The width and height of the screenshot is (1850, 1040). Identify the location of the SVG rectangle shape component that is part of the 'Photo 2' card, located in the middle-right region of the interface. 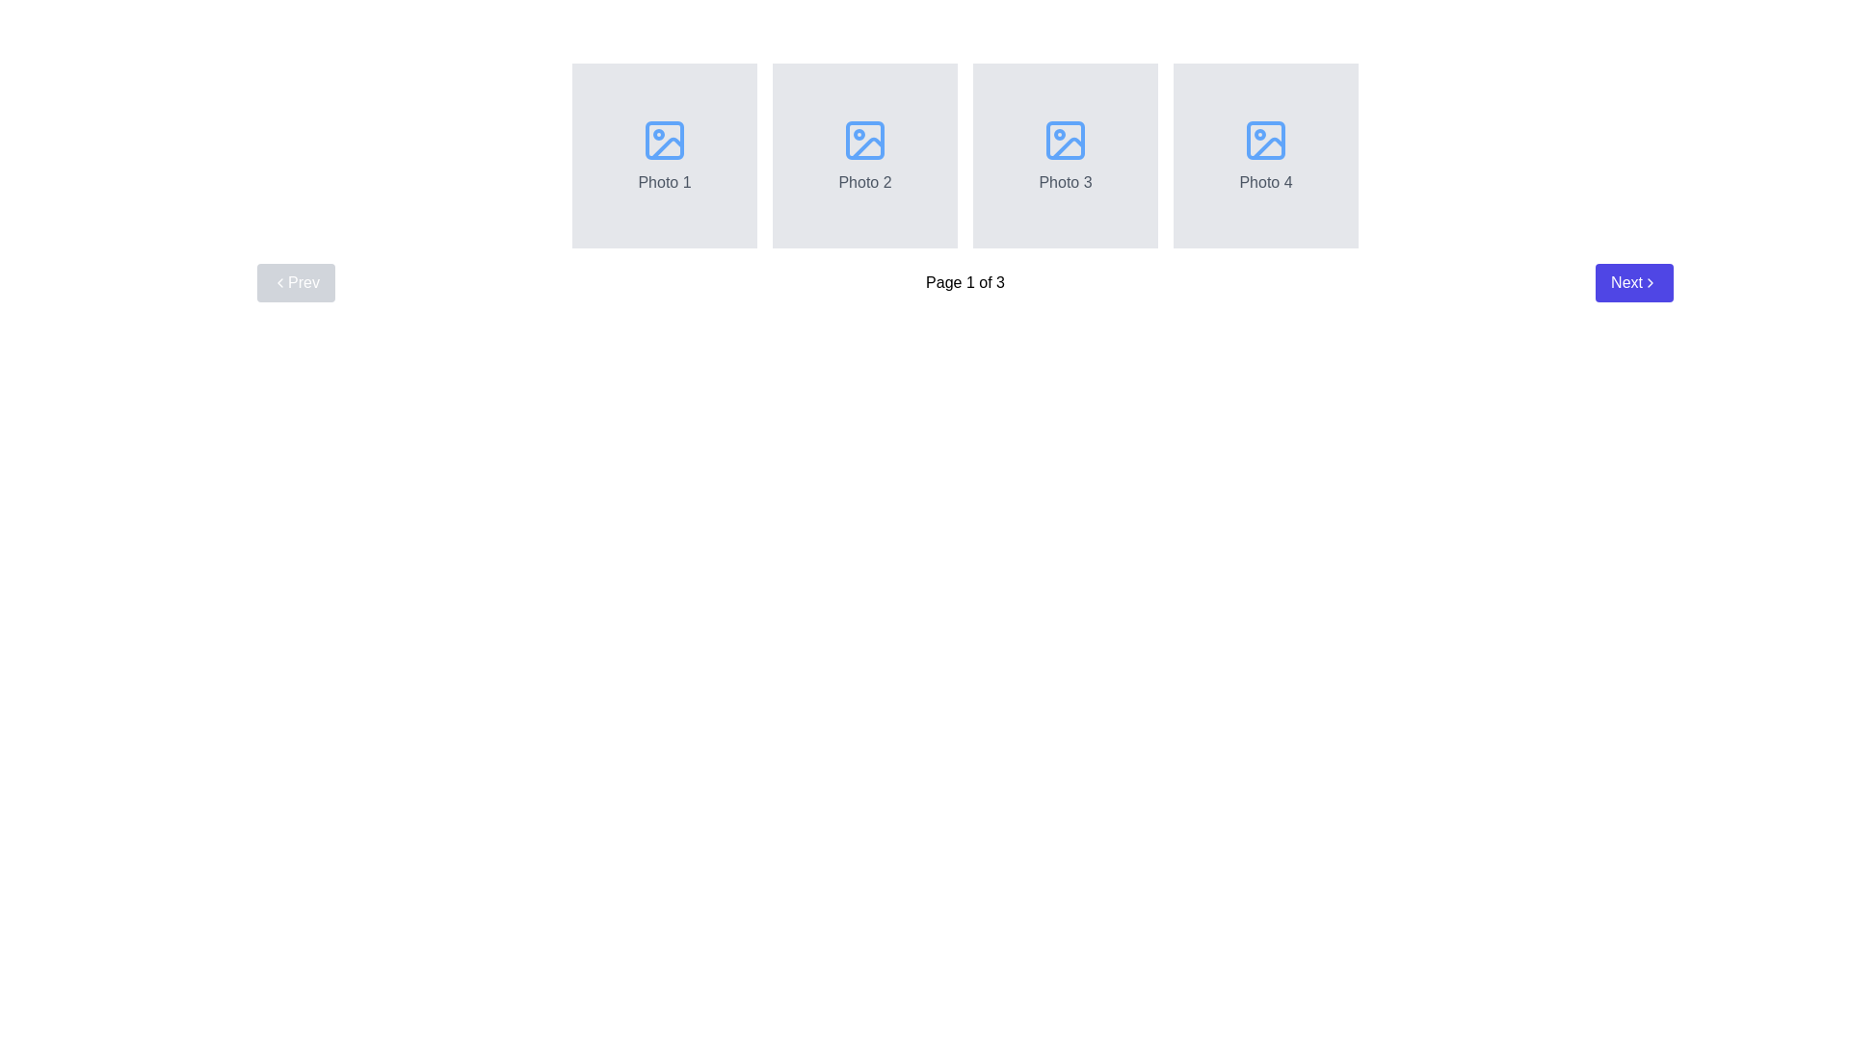
(863, 140).